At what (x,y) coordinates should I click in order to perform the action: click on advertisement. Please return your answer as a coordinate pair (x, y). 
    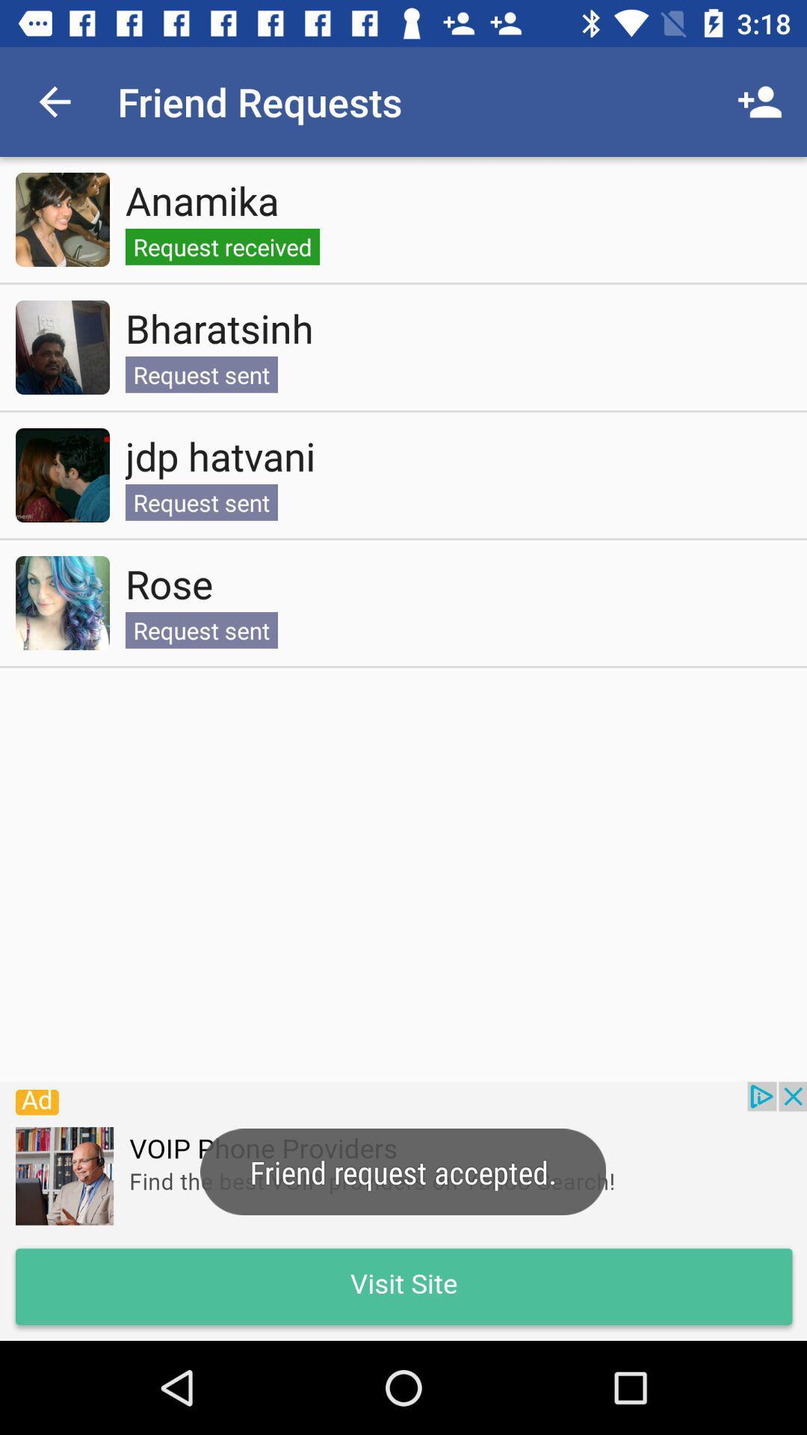
    Looking at the image, I should click on (403, 1211).